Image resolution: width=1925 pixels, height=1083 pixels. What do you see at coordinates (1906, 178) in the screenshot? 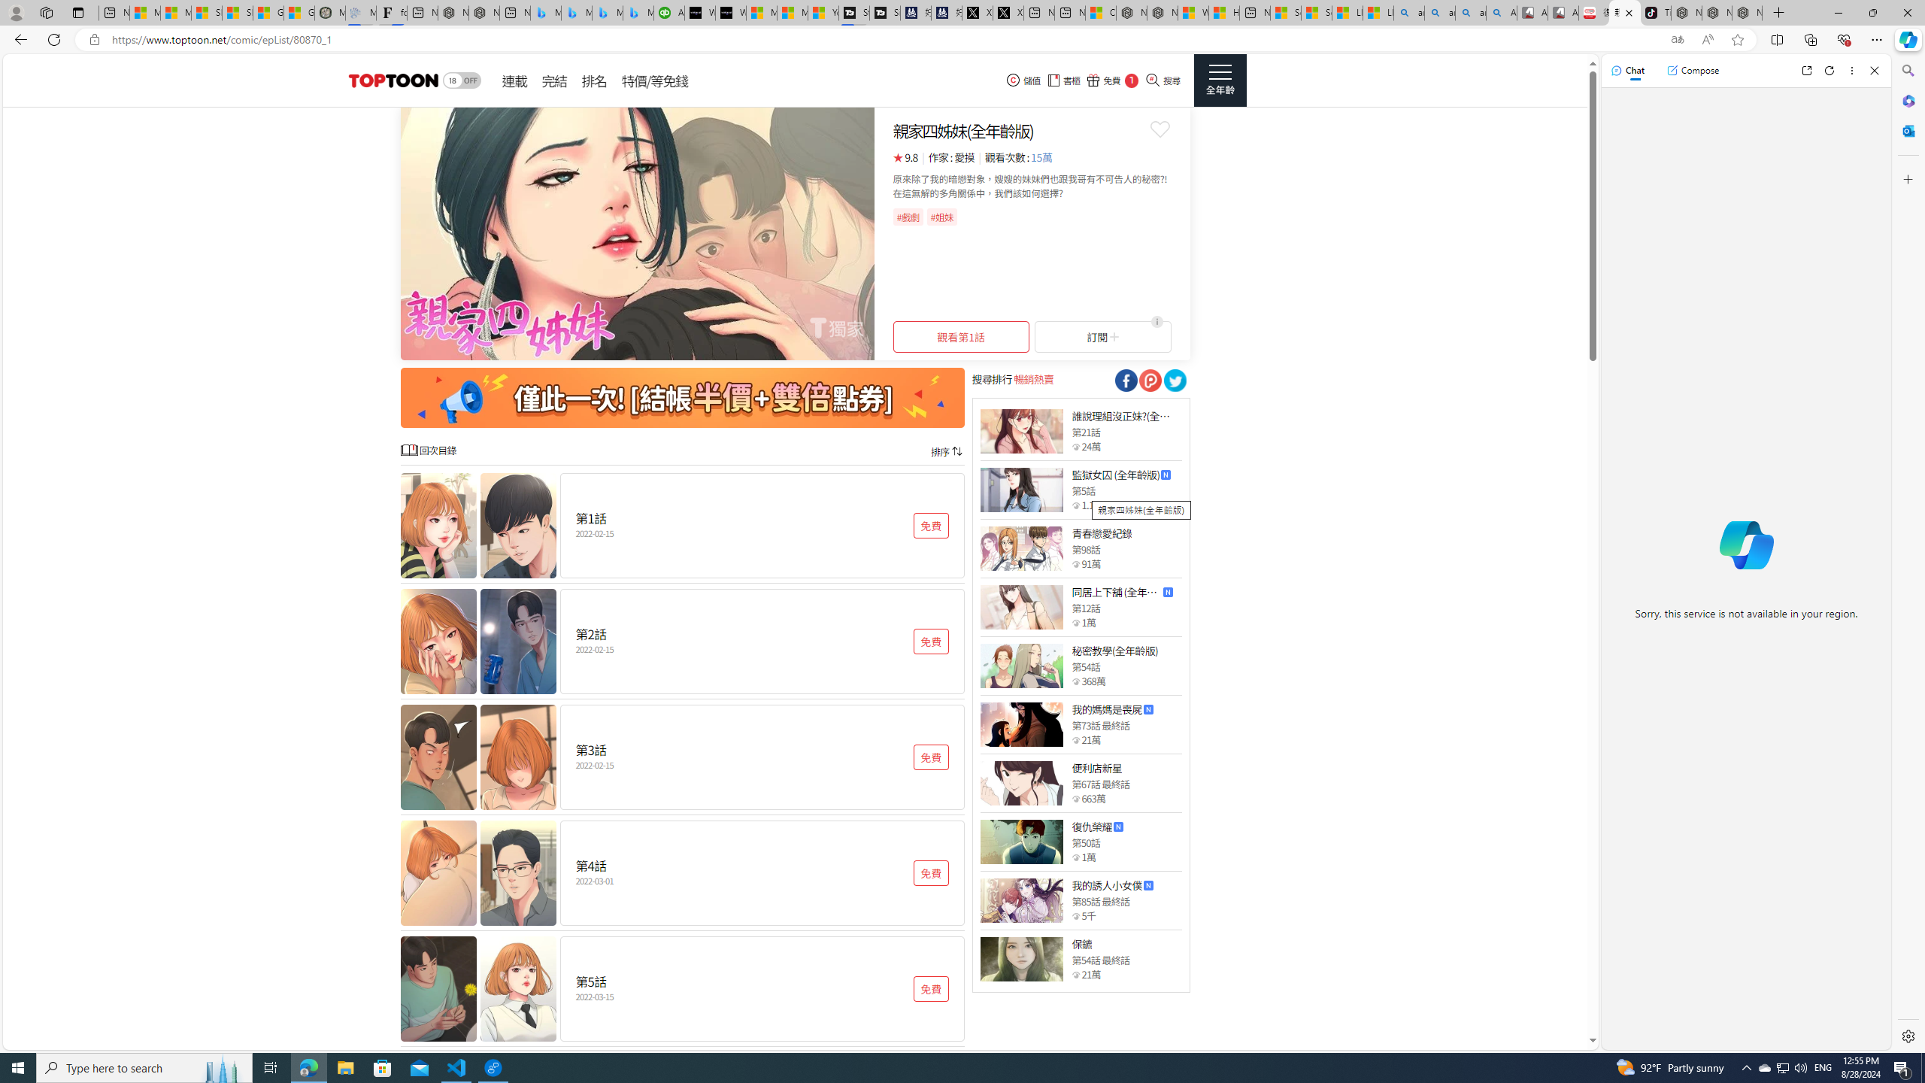
I see `'Customize'` at bounding box center [1906, 178].